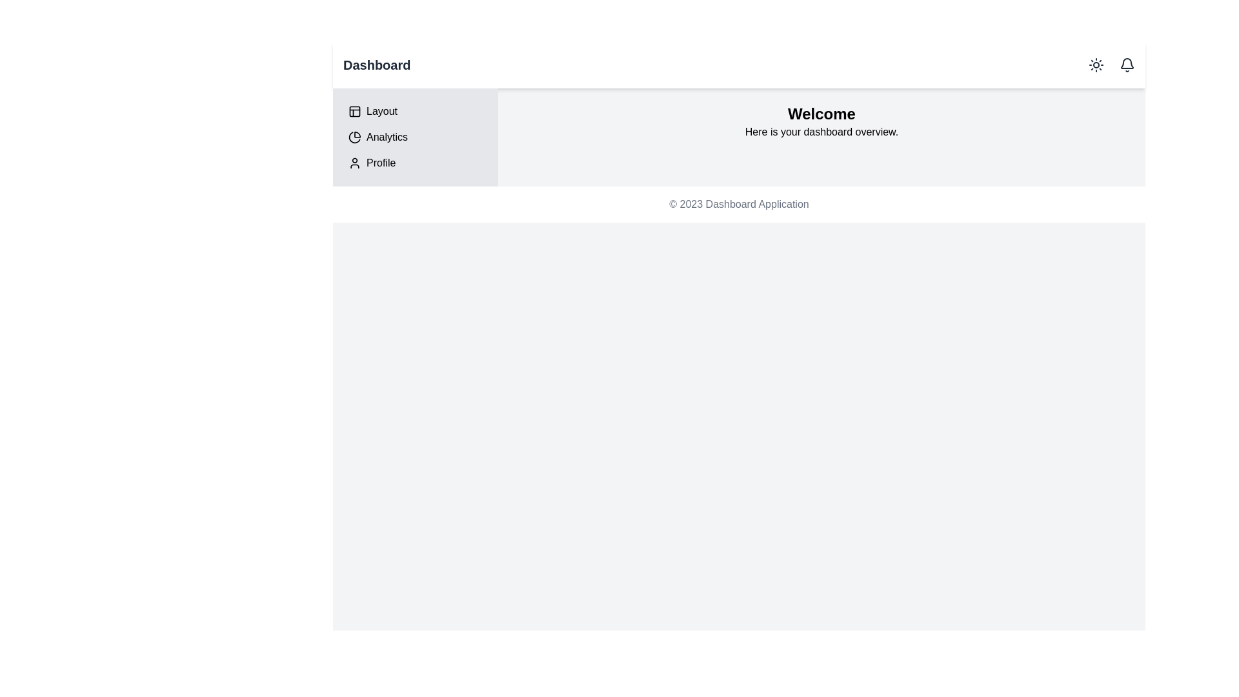 Image resolution: width=1239 pixels, height=697 pixels. Describe the element at coordinates (387, 137) in the screenshot. I see `the 'Analytics' text label in the left-side navigation menu, which is styled in black sans-serif font and positioned adjacent to a pie chart icon` at that location.